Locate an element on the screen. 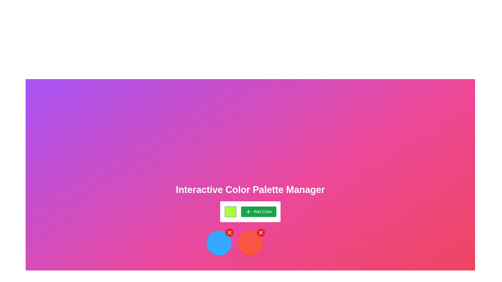  the lime-green square on the left side of the Compound Control Panel is located at coordinates (250, 211).